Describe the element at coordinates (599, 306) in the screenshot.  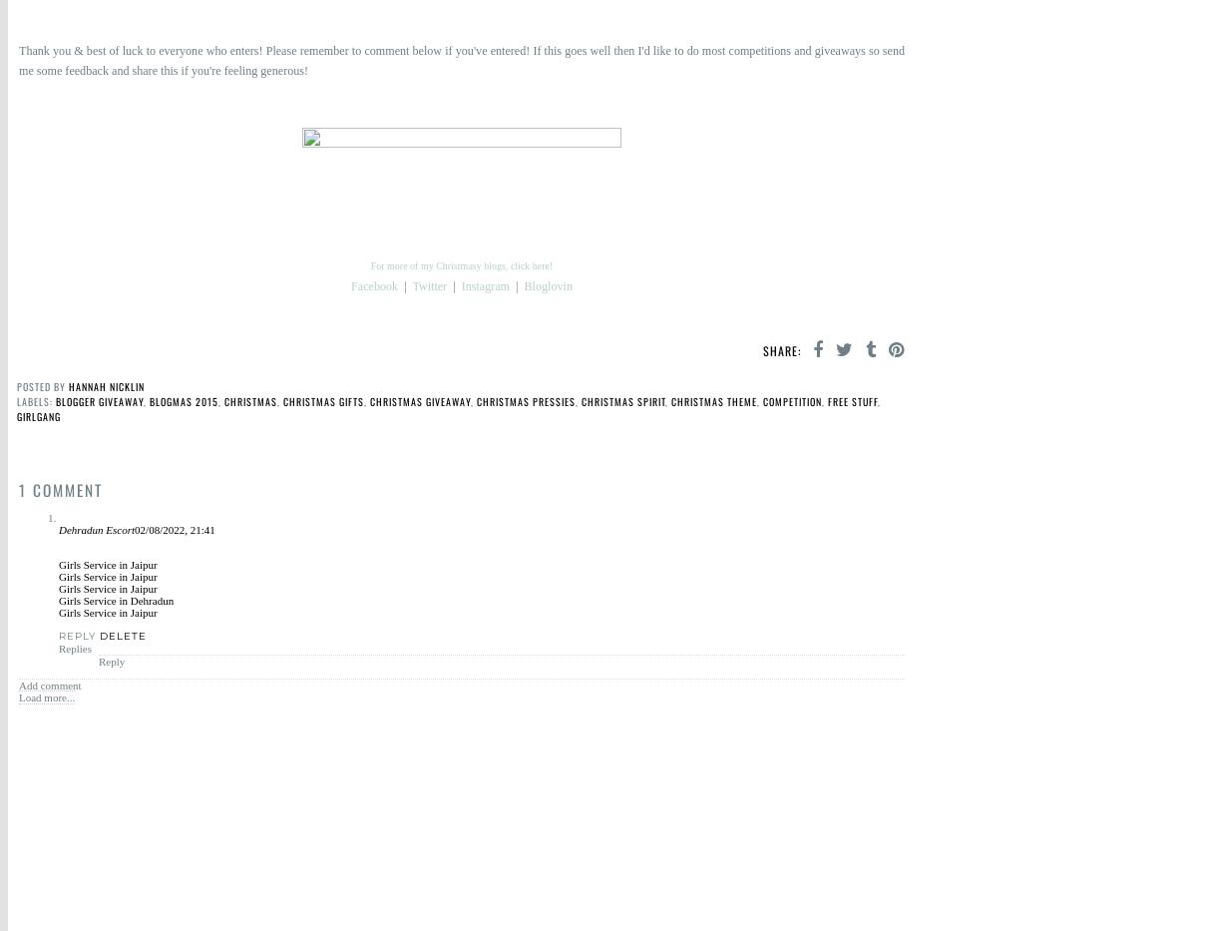
I see `'#Blogger'` at that location.